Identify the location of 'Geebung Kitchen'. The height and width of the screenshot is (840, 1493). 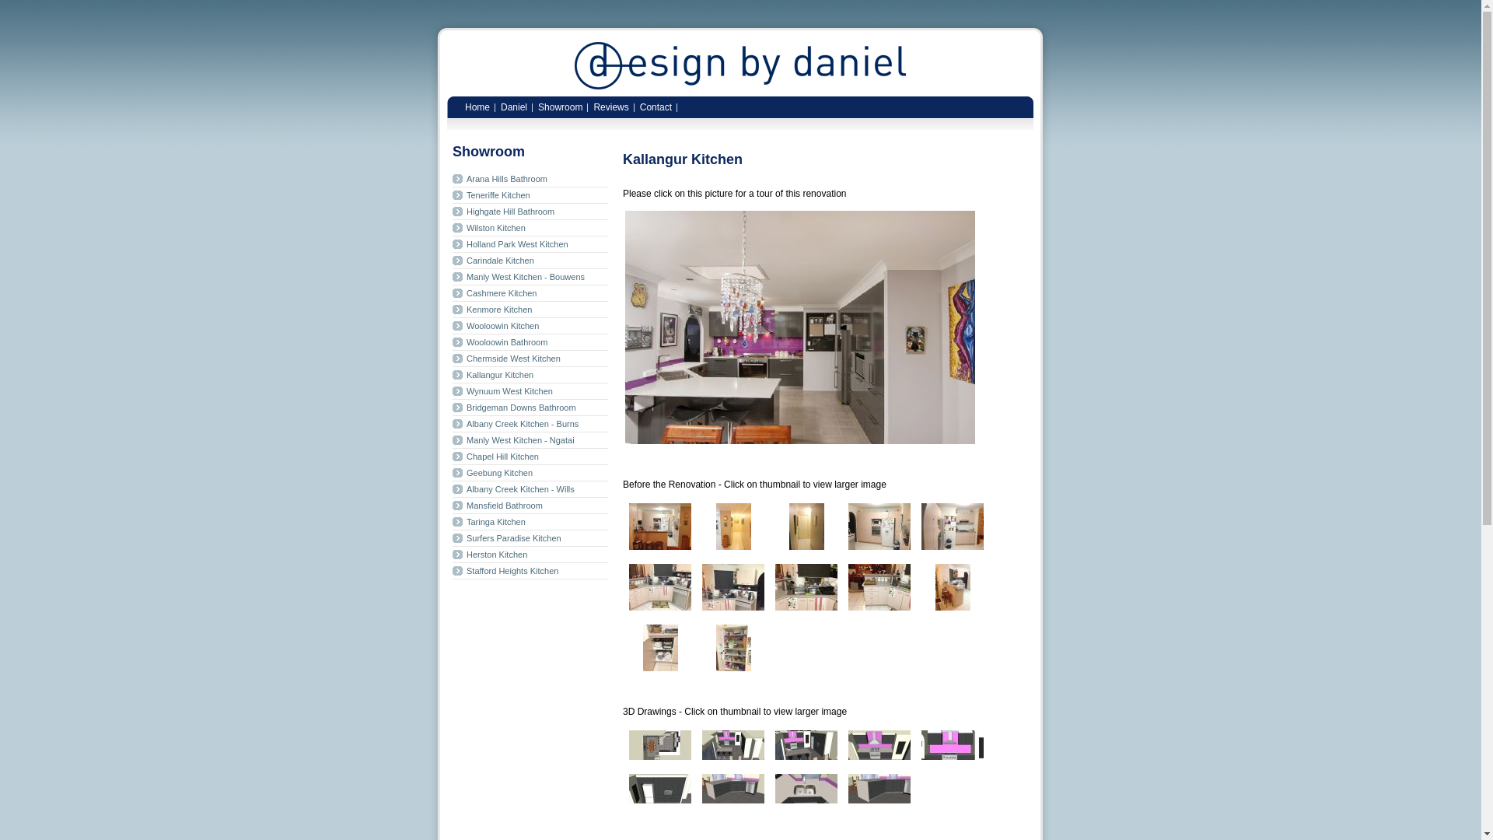
(530, 472).